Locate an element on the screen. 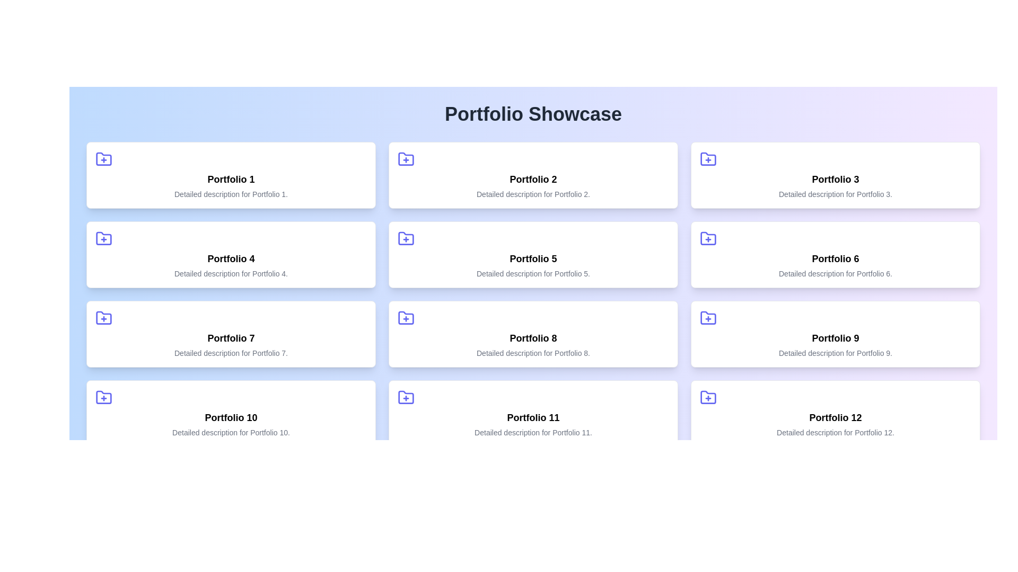  the Card element representing a portfolio item located in the fourth row, middle column of a grid layout is located at coordinates (533, 413).